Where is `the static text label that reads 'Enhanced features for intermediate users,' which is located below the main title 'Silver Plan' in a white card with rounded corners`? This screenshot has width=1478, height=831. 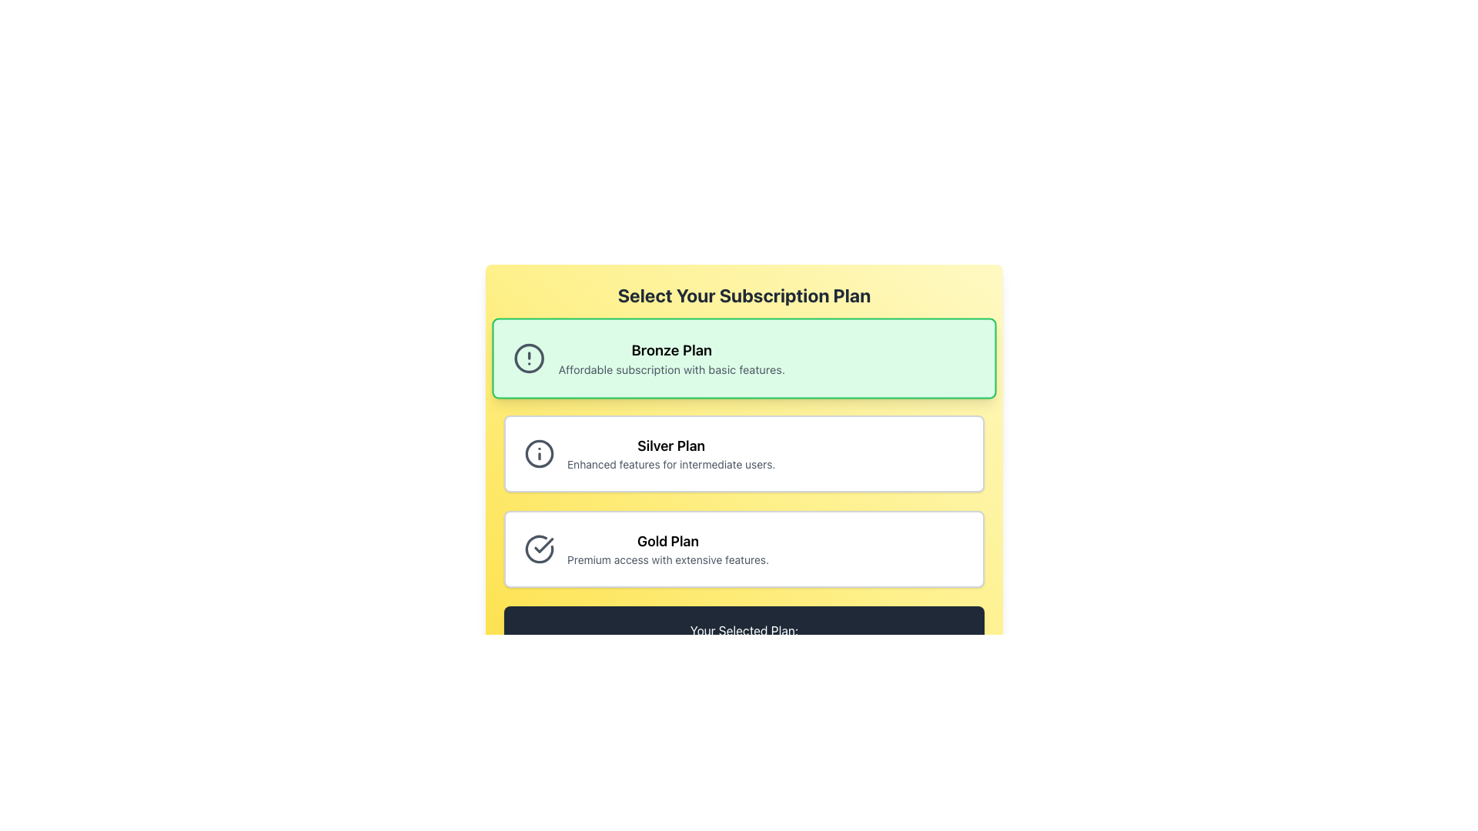
the static text label that reads 'Enhanced features for intermediate users,' which is located below the main title 'Silver Plan' in a white card with rounded corners is located at coordinates (671, 464).